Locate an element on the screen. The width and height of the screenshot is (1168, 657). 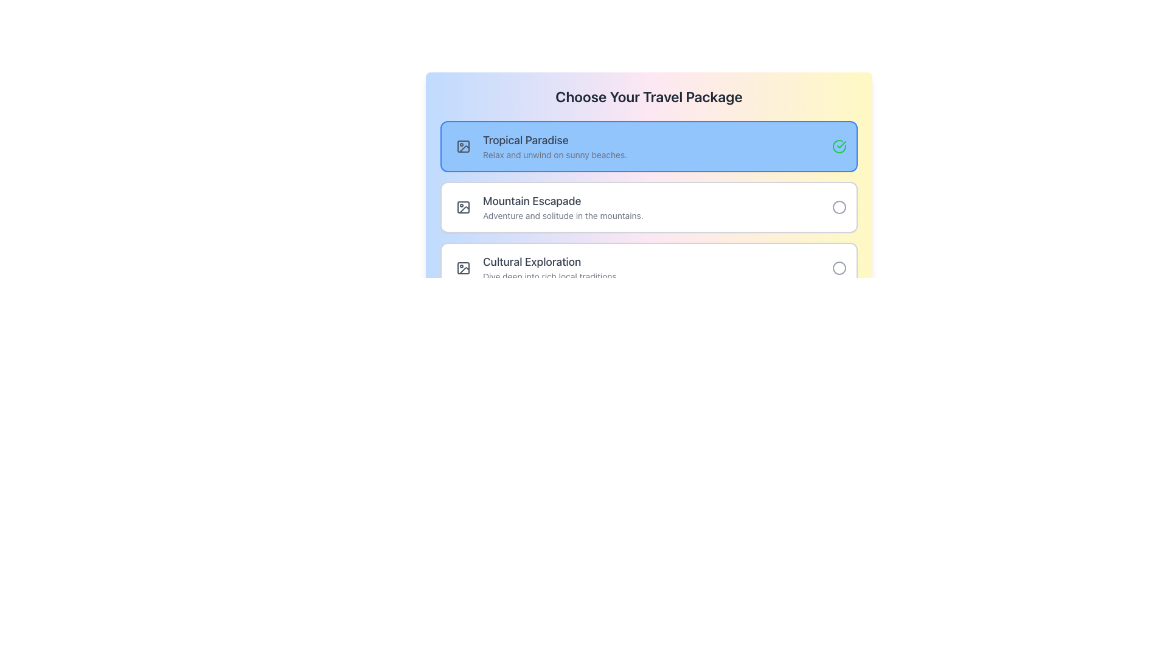
the icon associated with the selection of the 'Mountain Escapade' option, which is located in the second item of a vertical list is located at coordinates (839, 206).